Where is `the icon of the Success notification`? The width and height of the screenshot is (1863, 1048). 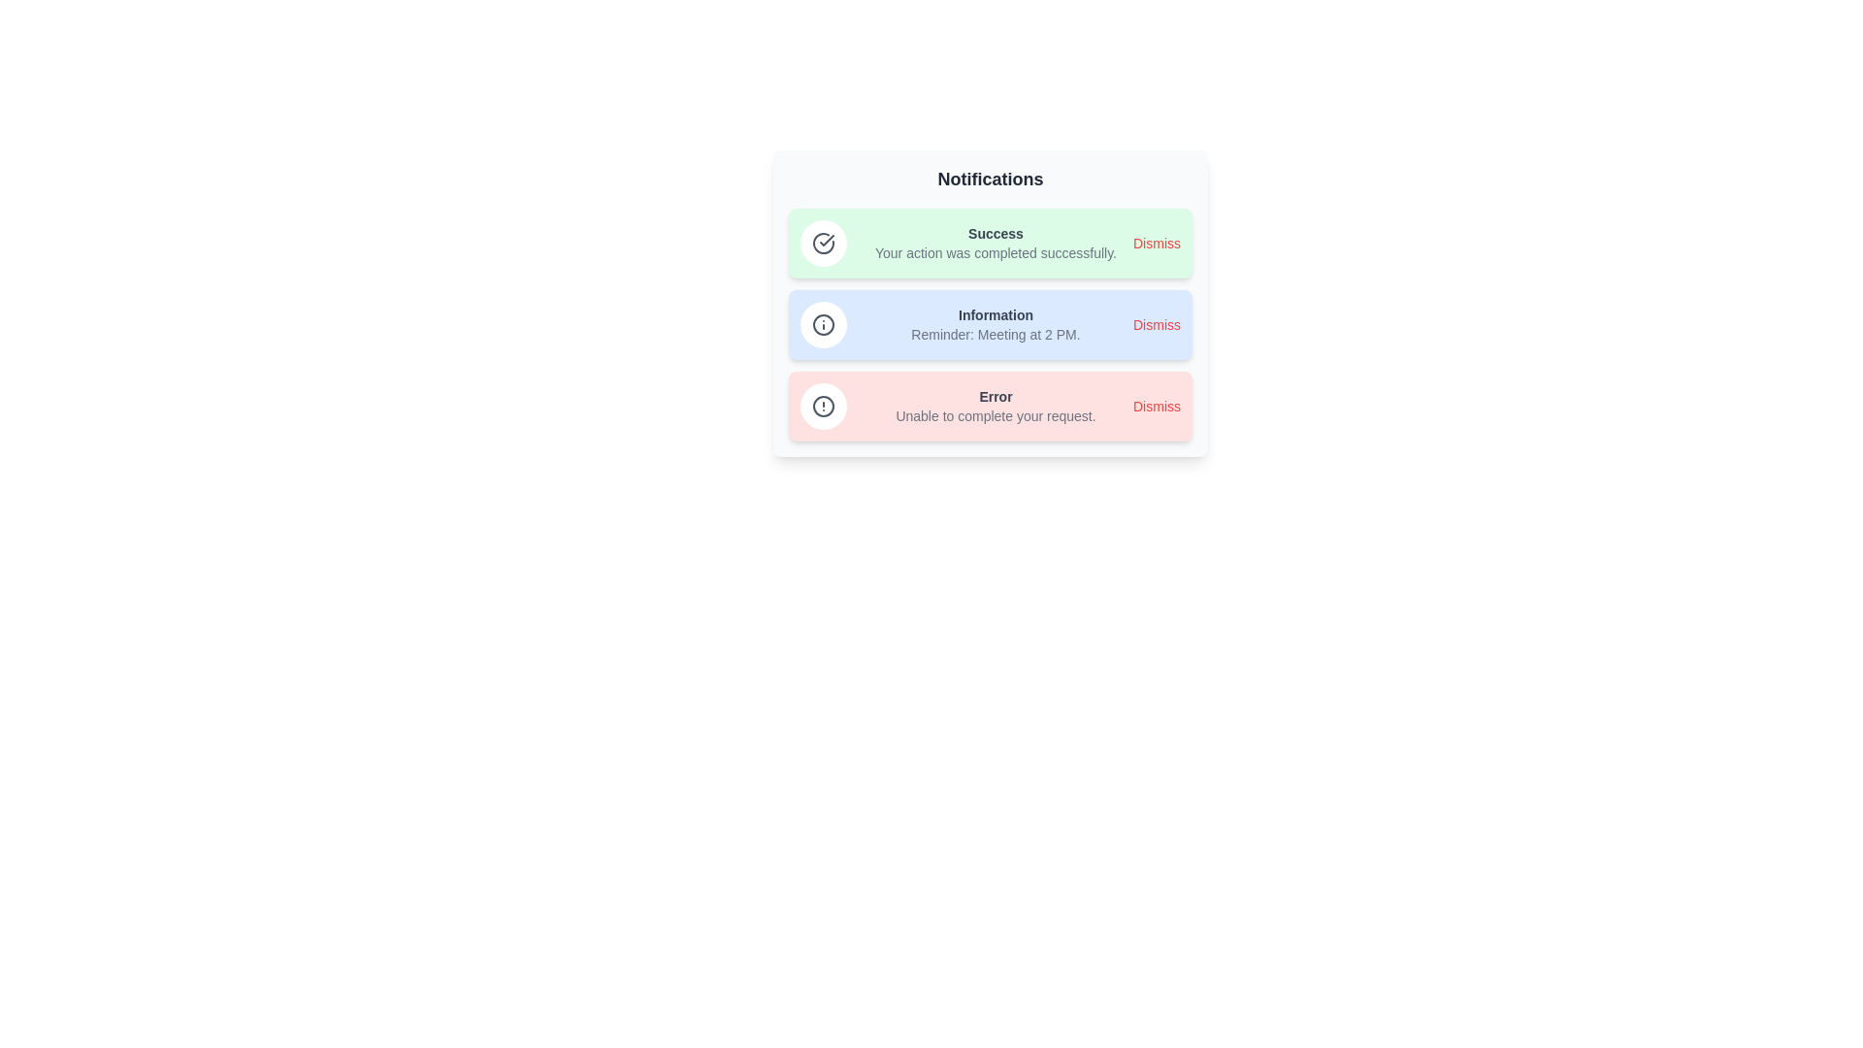
the icon of the Success notification is located at coordinates (824, 242).